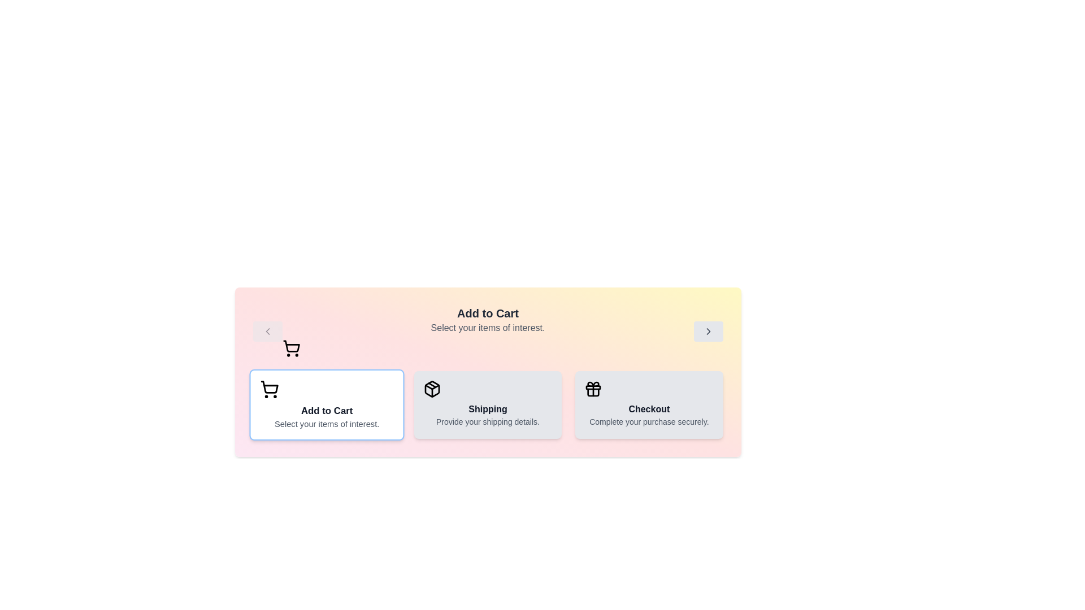 This screenshot has height=610, width=1085. What do you see at coordinates (708, 330) in the screenshot?
I see `the Icon button located at the top-right corner of the first step panel` at bounding box center [708, 330].